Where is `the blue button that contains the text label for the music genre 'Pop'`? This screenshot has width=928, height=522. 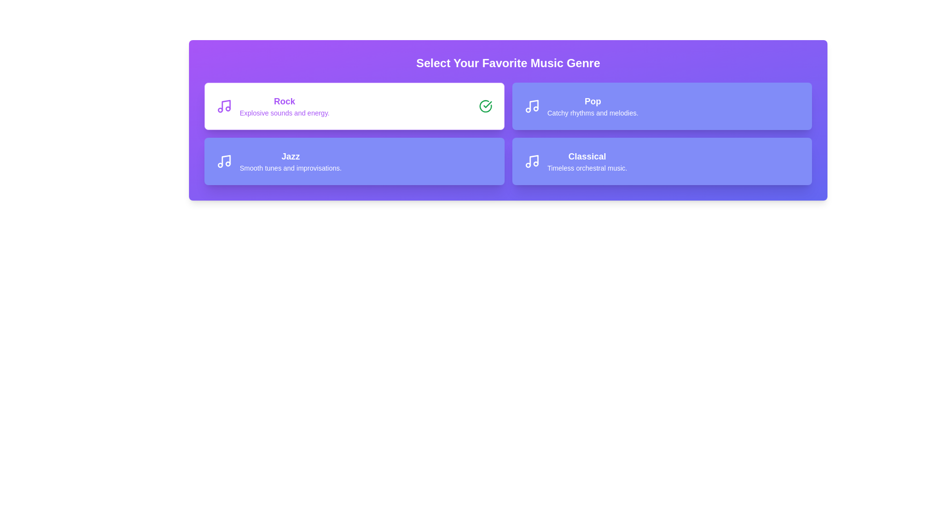
the blue button that contains the text label for the music genre 'Pop' is located at coordinates (592, 101).